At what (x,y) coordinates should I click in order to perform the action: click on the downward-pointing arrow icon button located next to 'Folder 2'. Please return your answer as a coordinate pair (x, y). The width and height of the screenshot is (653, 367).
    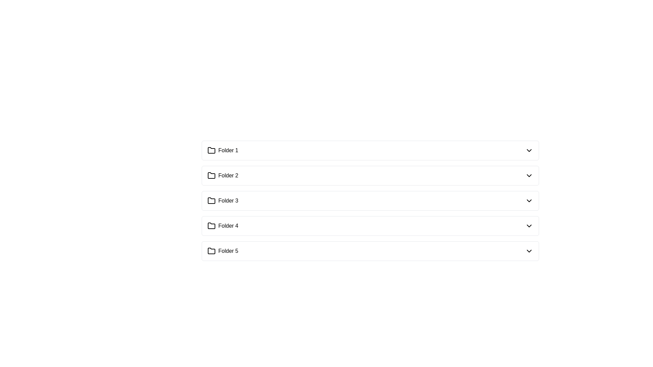
    Looking at the image, I should click on (529, 175).